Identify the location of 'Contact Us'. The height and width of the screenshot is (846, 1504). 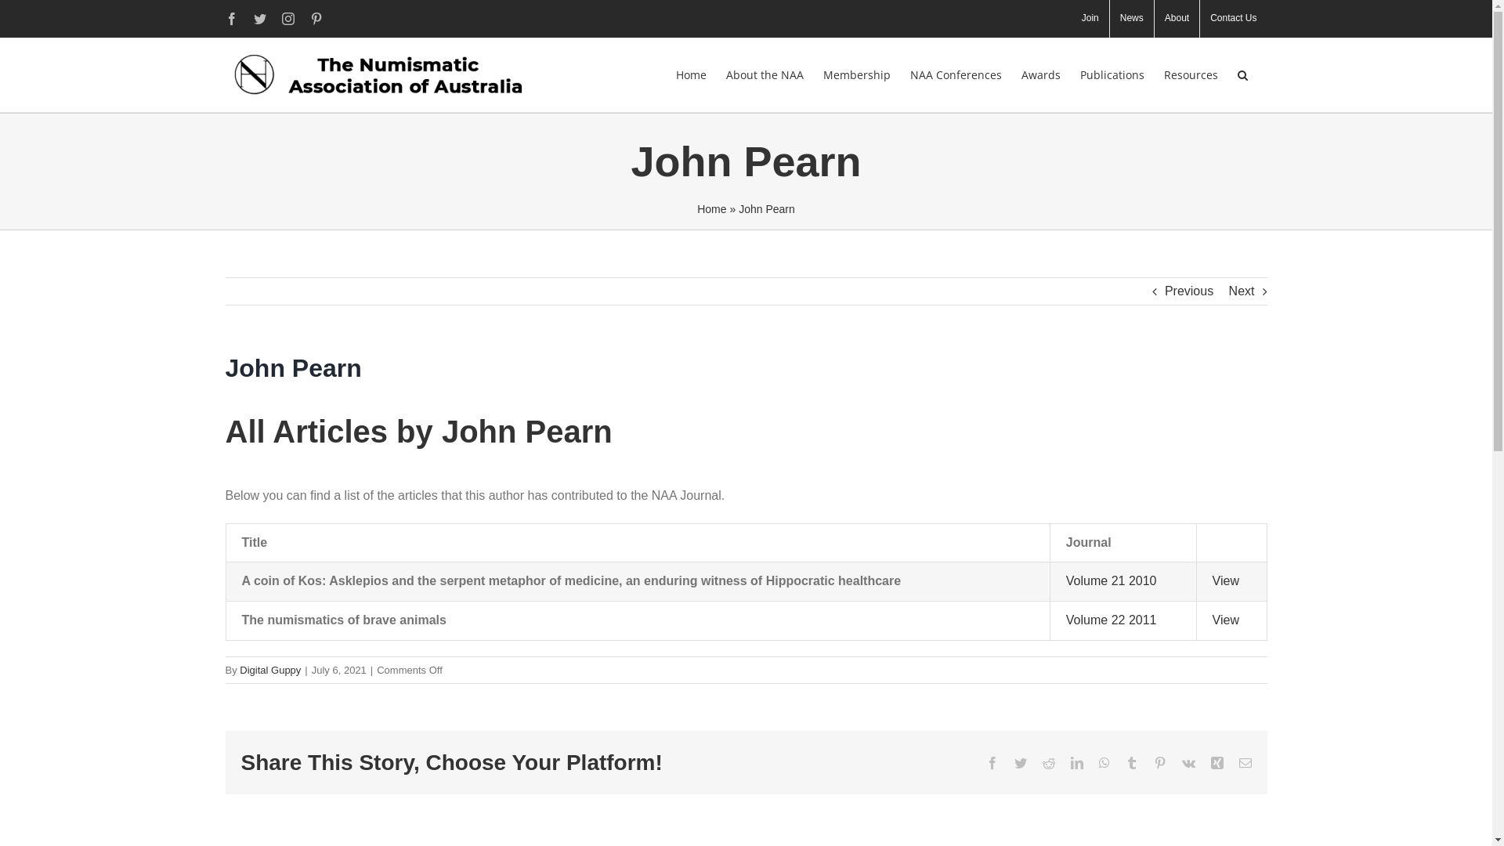
(1232, 18).